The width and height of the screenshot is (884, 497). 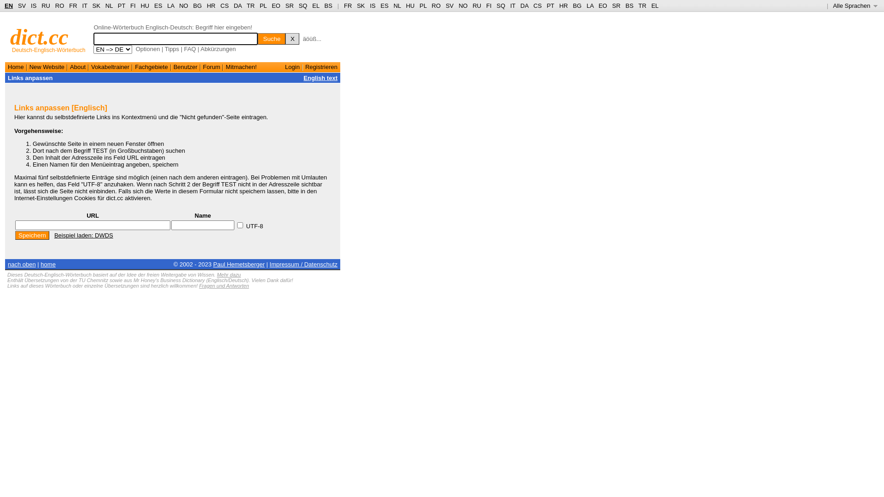 What do you see at coordinates (422, 6) in the screenshot?
I see `'PL'` at bounding box center [422, 6].